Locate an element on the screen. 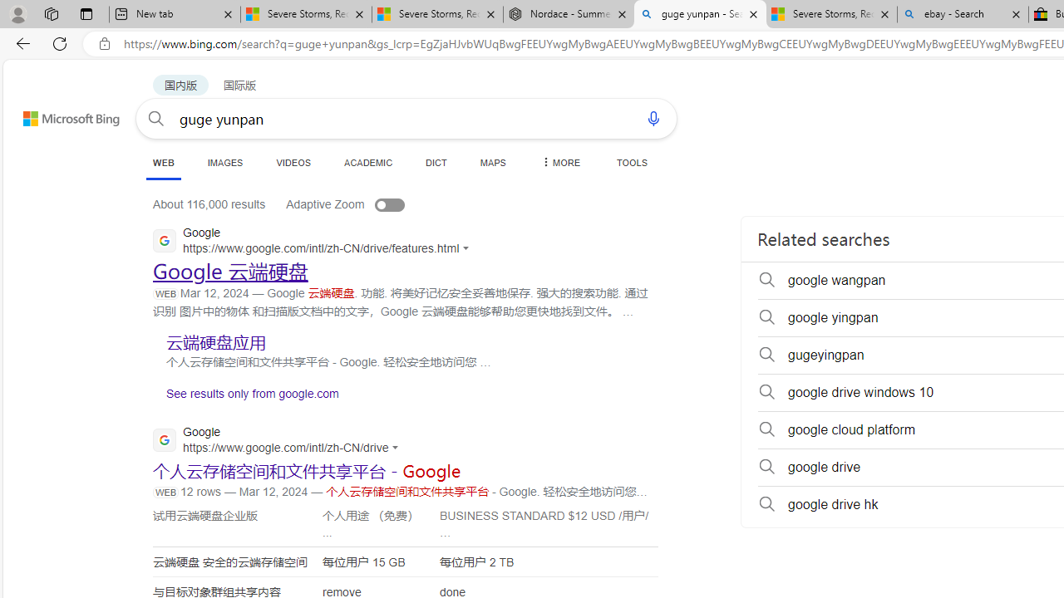 The width and height of the screenshot is (1064, 598). 'Back to Bing search' is located at coordinates (61, 114).